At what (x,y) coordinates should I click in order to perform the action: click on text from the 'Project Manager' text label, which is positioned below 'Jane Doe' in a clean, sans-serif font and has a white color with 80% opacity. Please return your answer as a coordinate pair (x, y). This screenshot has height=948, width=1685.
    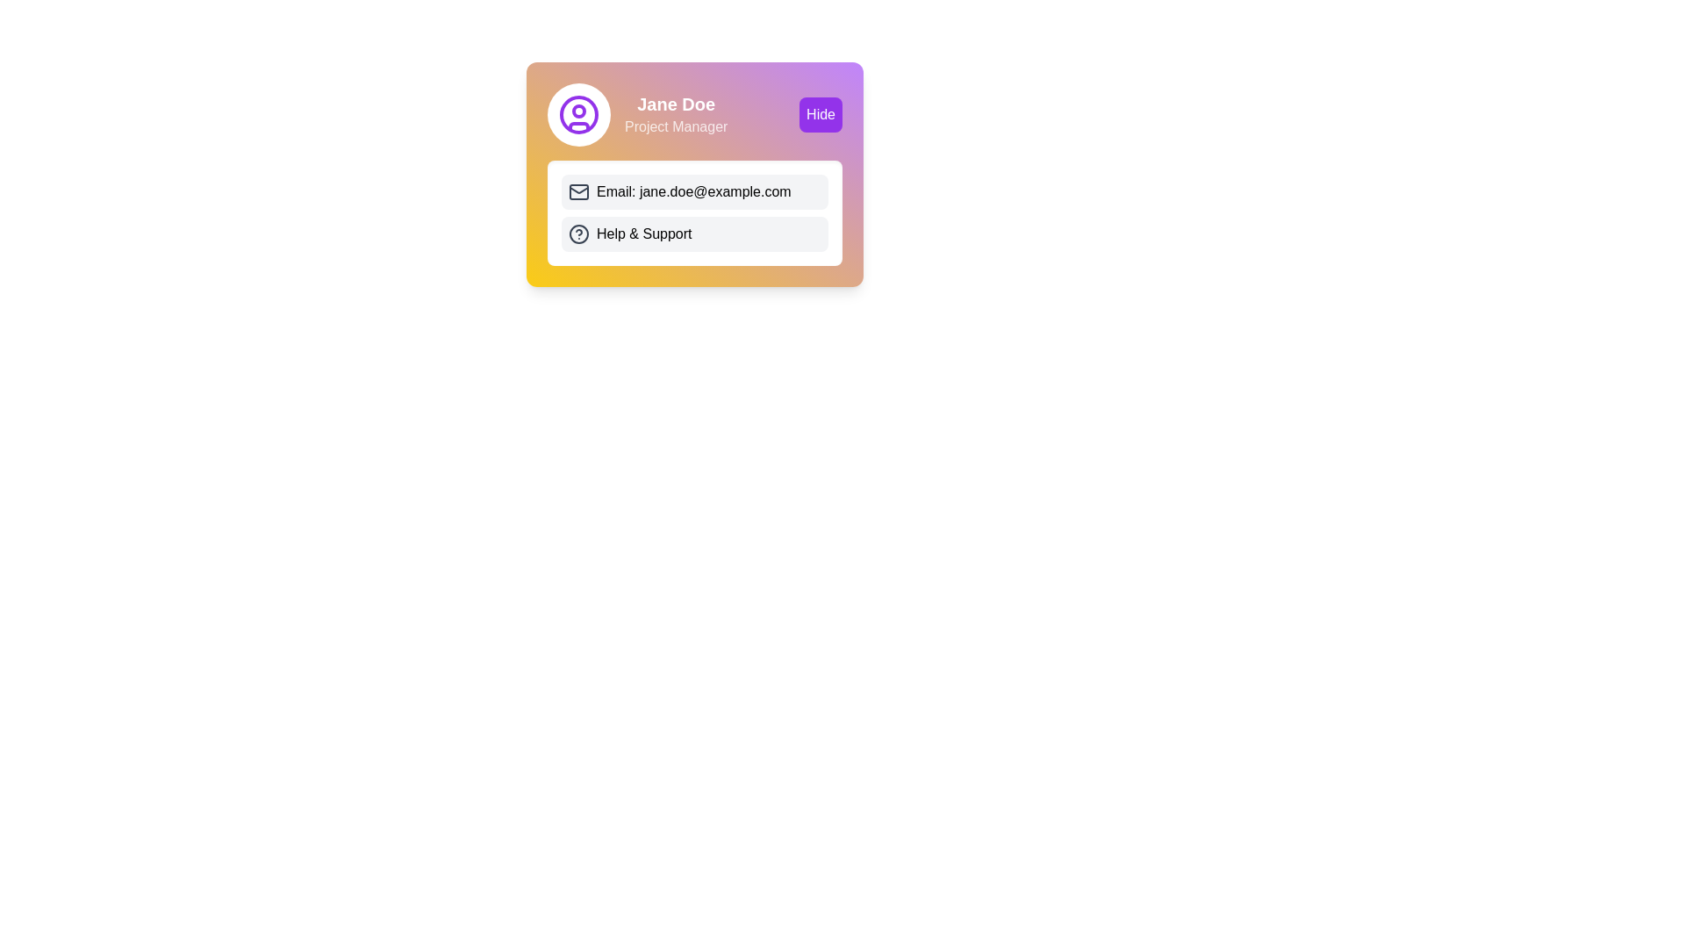
    Looking at the image, I should click on (675, 126).